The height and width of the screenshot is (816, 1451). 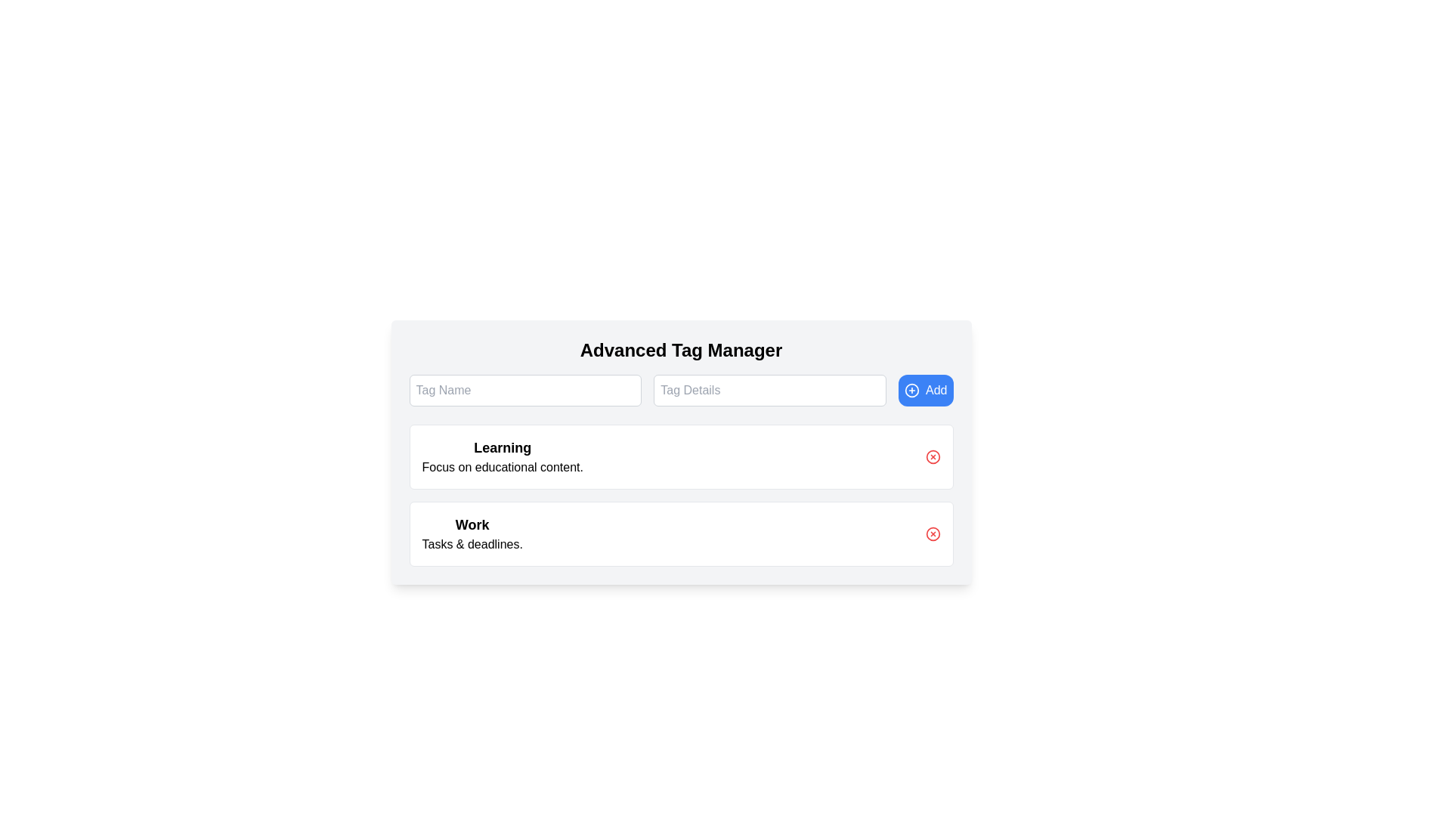 What do you see at coordinates (472, 533) in the screenshot?
I see `the Text label that serves as a category label and description for tasks related to 'Work', located in the second section under 'Advanced Tag Manager'` at bounding box center [472, 533].